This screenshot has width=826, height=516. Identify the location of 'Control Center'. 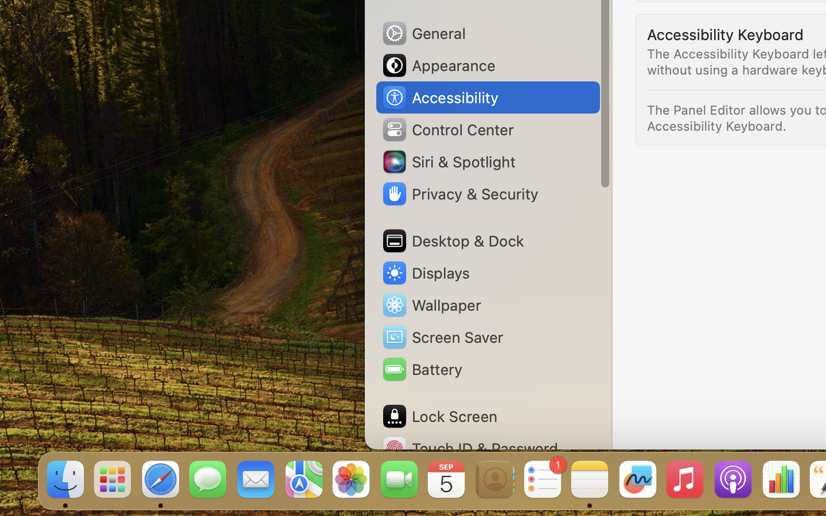
(447, 129).